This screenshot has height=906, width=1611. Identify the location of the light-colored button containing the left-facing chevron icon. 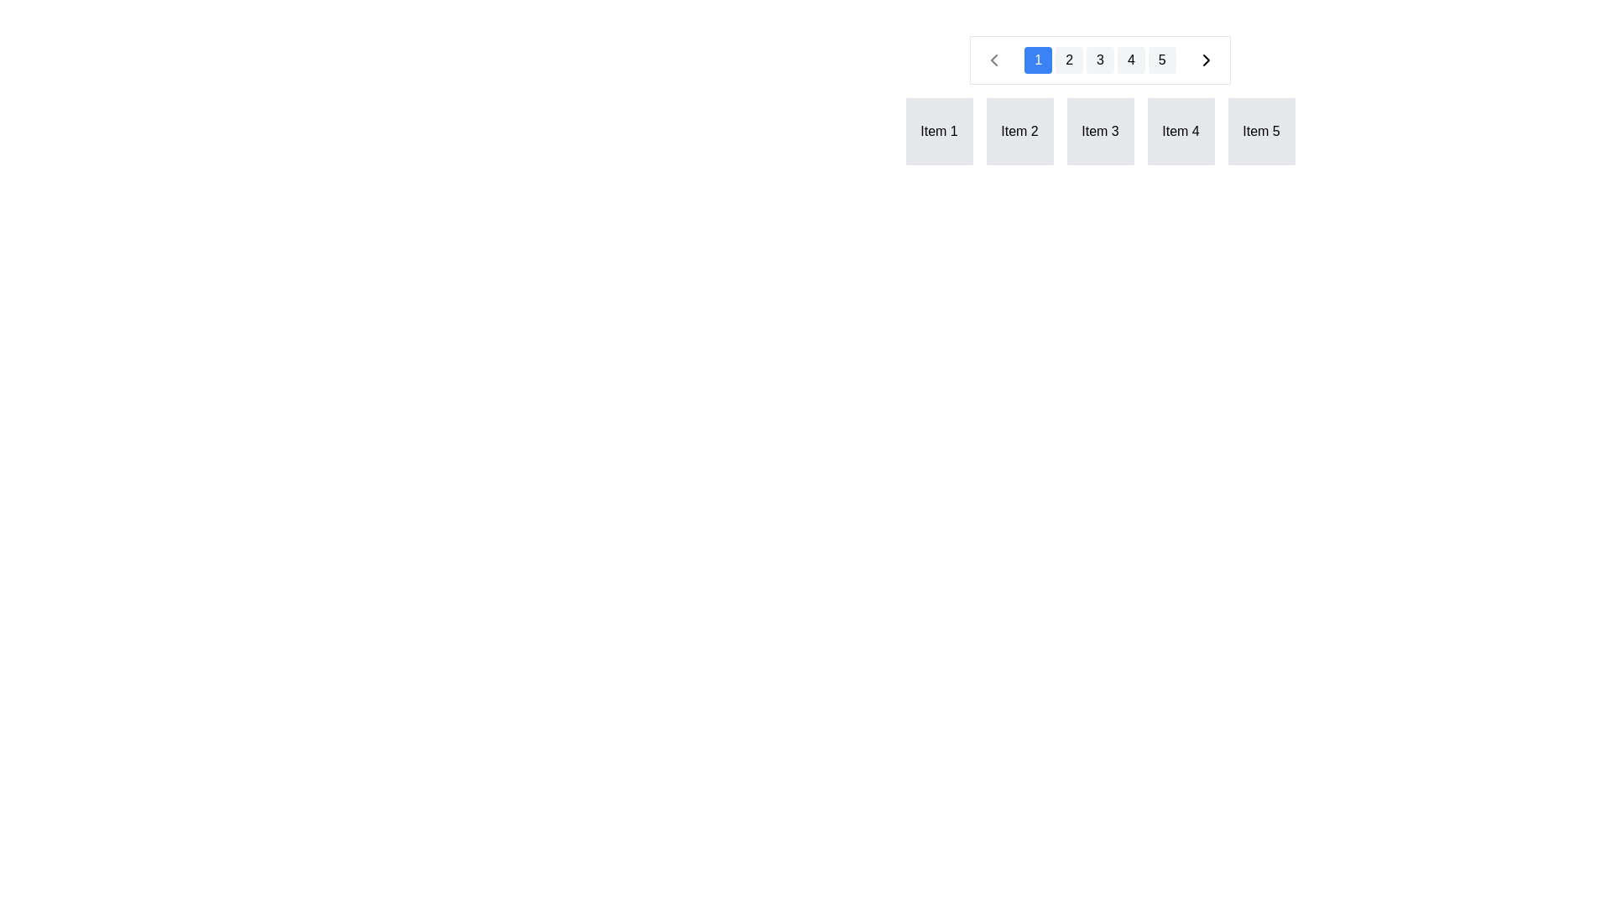
(994, 60).